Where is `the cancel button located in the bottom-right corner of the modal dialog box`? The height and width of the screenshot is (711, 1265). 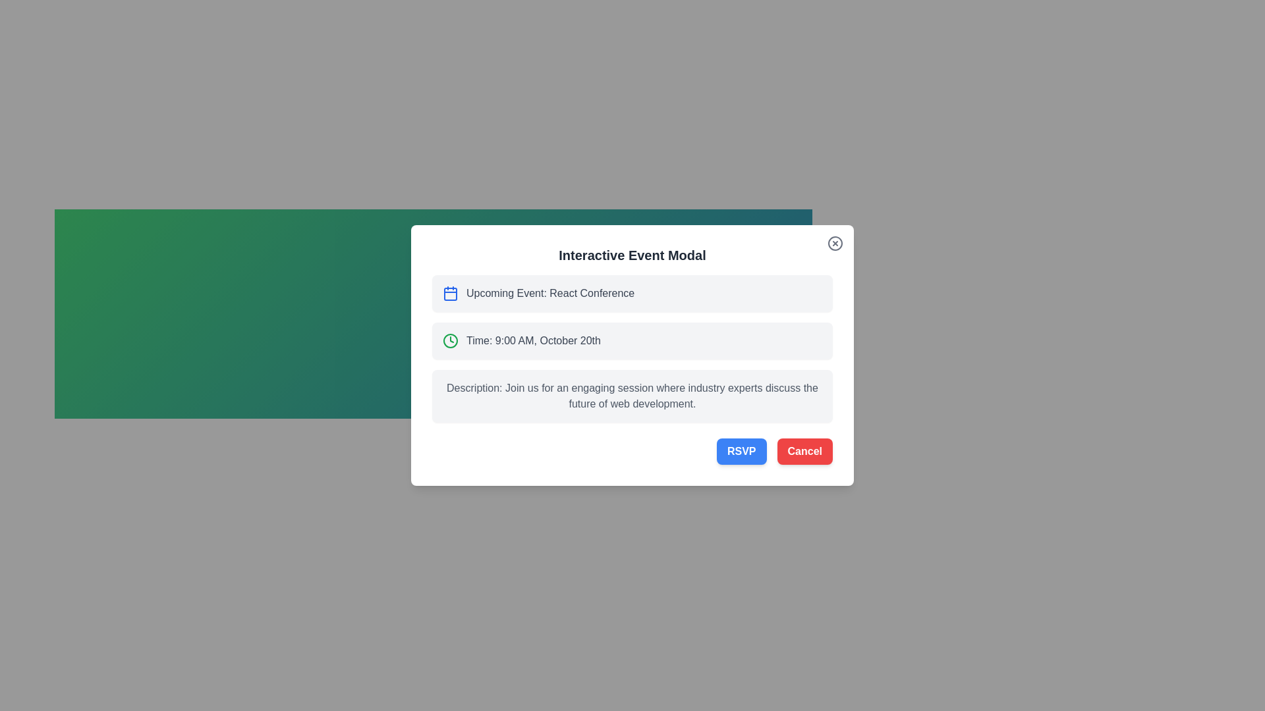
the cancel button located in the bottom-right corner of the modal dialog box is located at coordinates (804, 451).